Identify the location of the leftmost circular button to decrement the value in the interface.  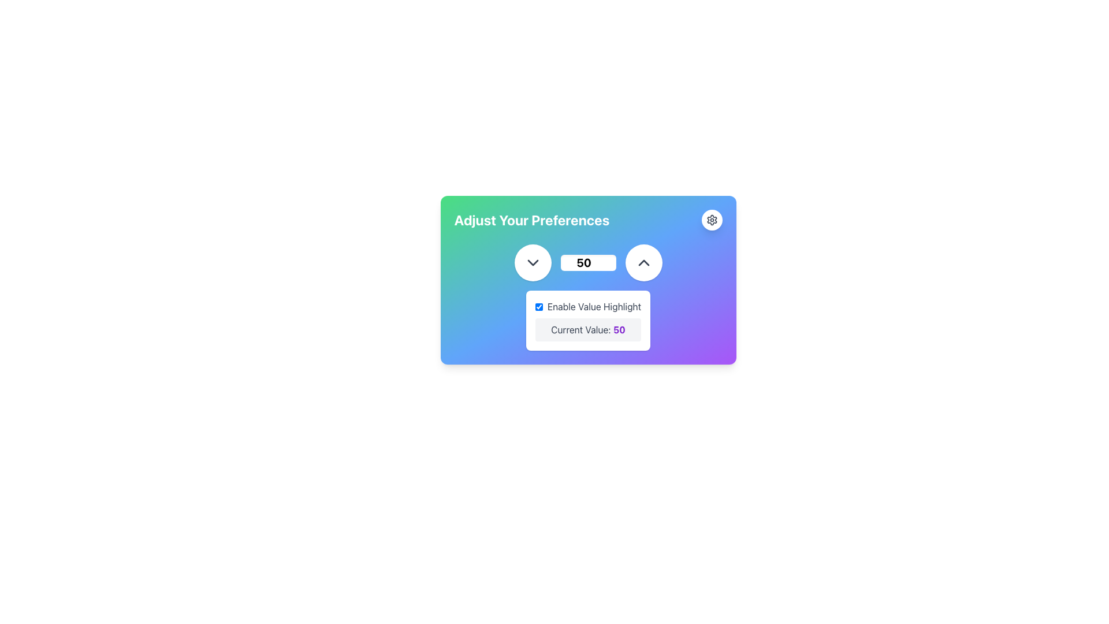
(532, 263).